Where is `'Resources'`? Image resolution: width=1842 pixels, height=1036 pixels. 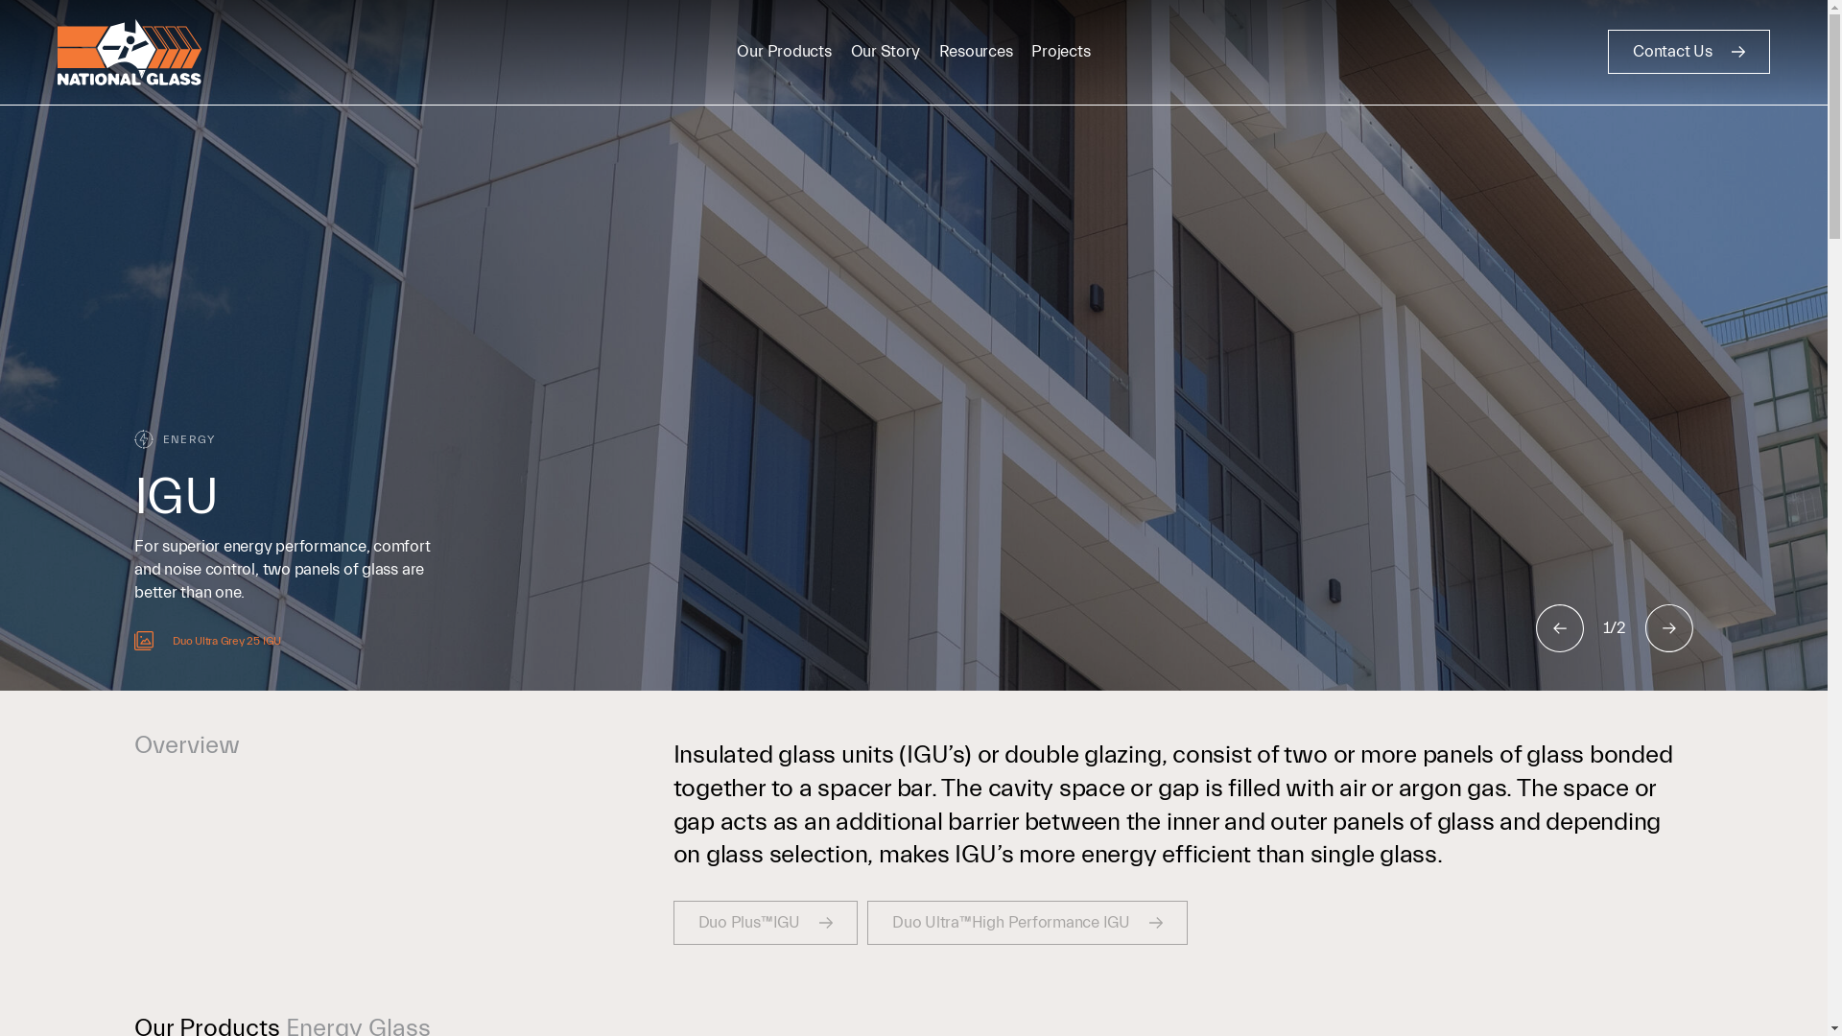 'Resources' is located at coordinates (976, 50).